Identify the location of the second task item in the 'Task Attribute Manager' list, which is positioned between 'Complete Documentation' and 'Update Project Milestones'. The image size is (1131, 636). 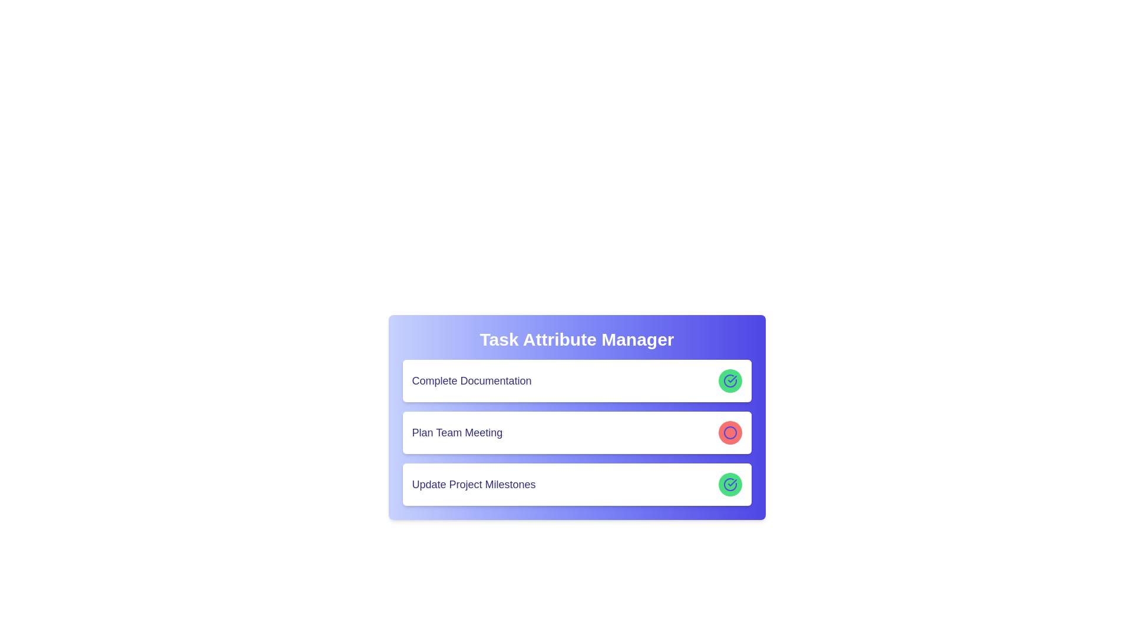
(577, 433).